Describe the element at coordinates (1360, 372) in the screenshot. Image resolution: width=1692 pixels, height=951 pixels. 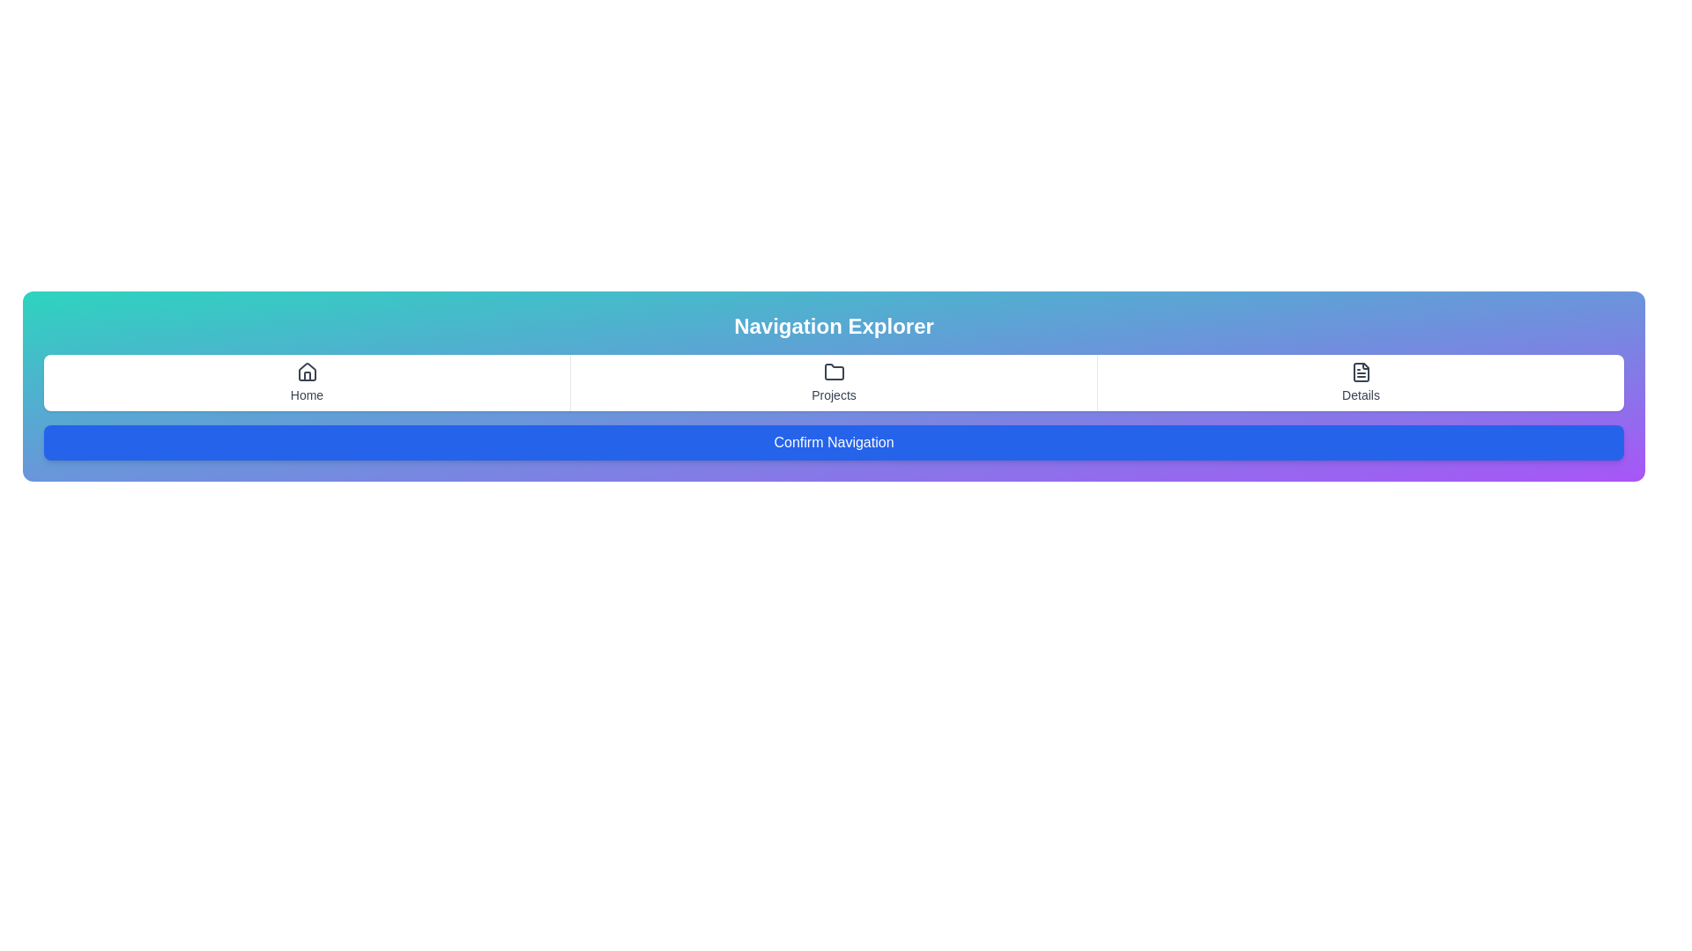
I see `the document icon located in the 'Details' section of the navigation interface, which has a rectangular shape and a folded top-right corner` at that location.